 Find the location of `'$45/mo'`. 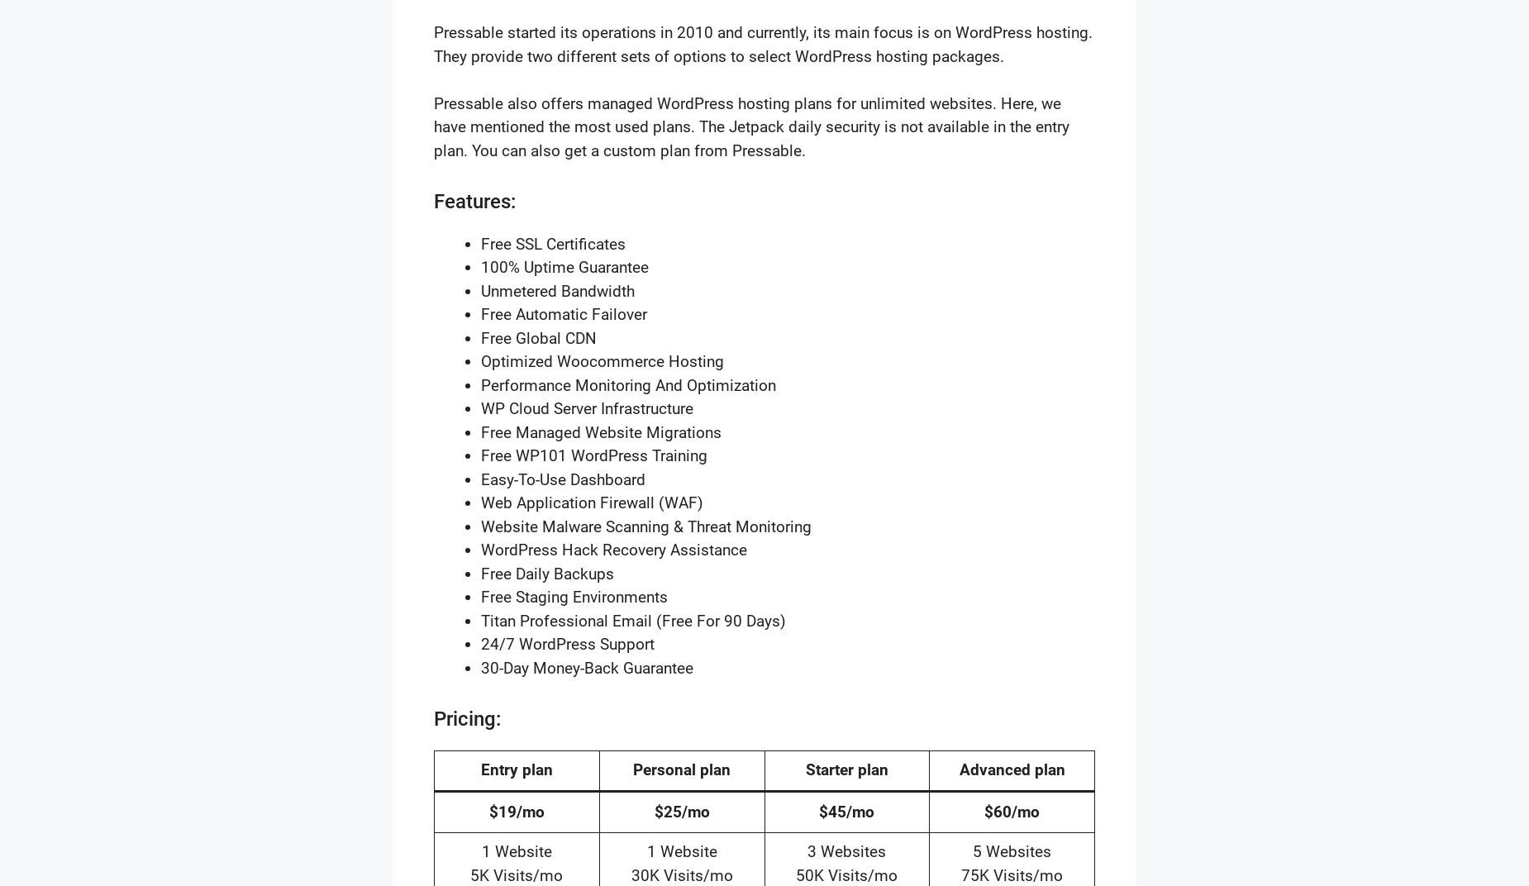

'$45/mo' is located at coordinates (845, 810).